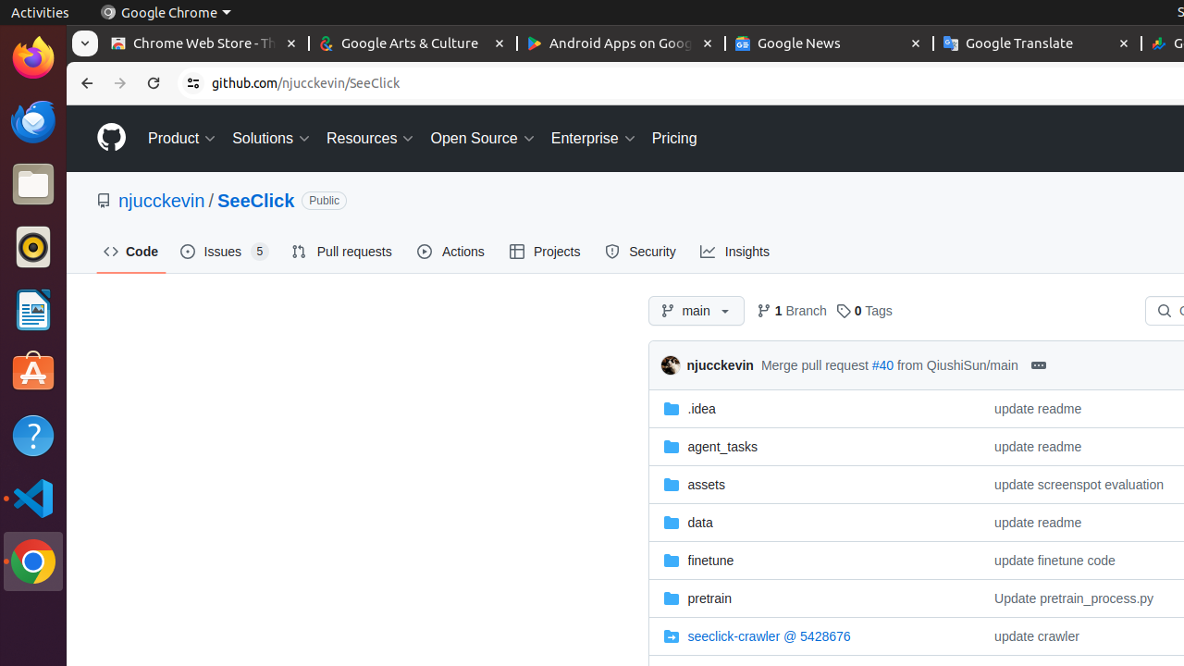  What do you see at coordinates (594, 137) in the screenshot?
I see `'Enterprise'` at bounding box center [594, 137].